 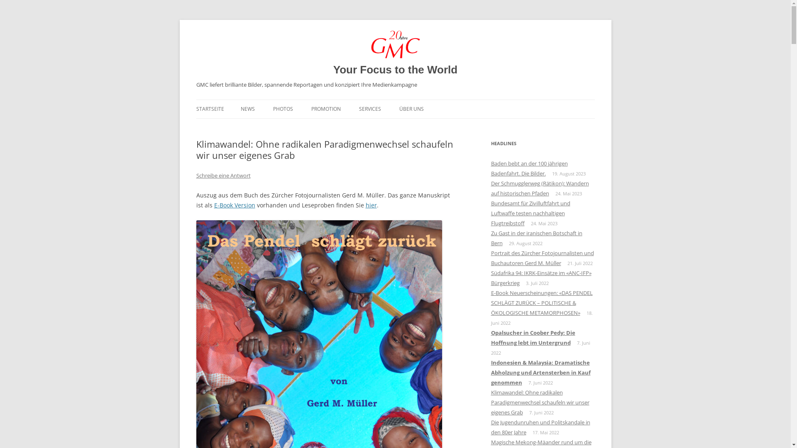 What do you see at coordinates (234, 205) in the screenshot?
I see `'E-Book Version'` at bounding box center [234, 205].